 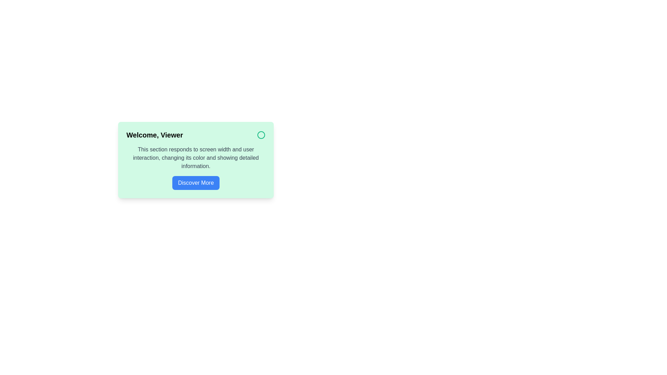 What do you see at coordinates (154, 135) in the screenshot?
I see `the static text element displaying 'Welcome, Viewer' in bold, large serif font on a light green background` at bounding box center [154, 135].